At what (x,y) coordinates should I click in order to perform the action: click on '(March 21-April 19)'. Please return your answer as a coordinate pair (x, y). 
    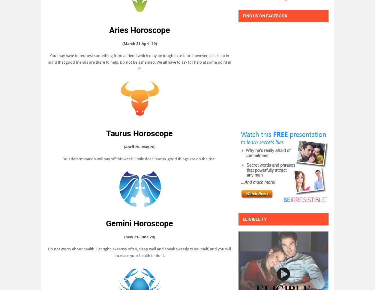
    Looking at the image, I should click on (139, 43).